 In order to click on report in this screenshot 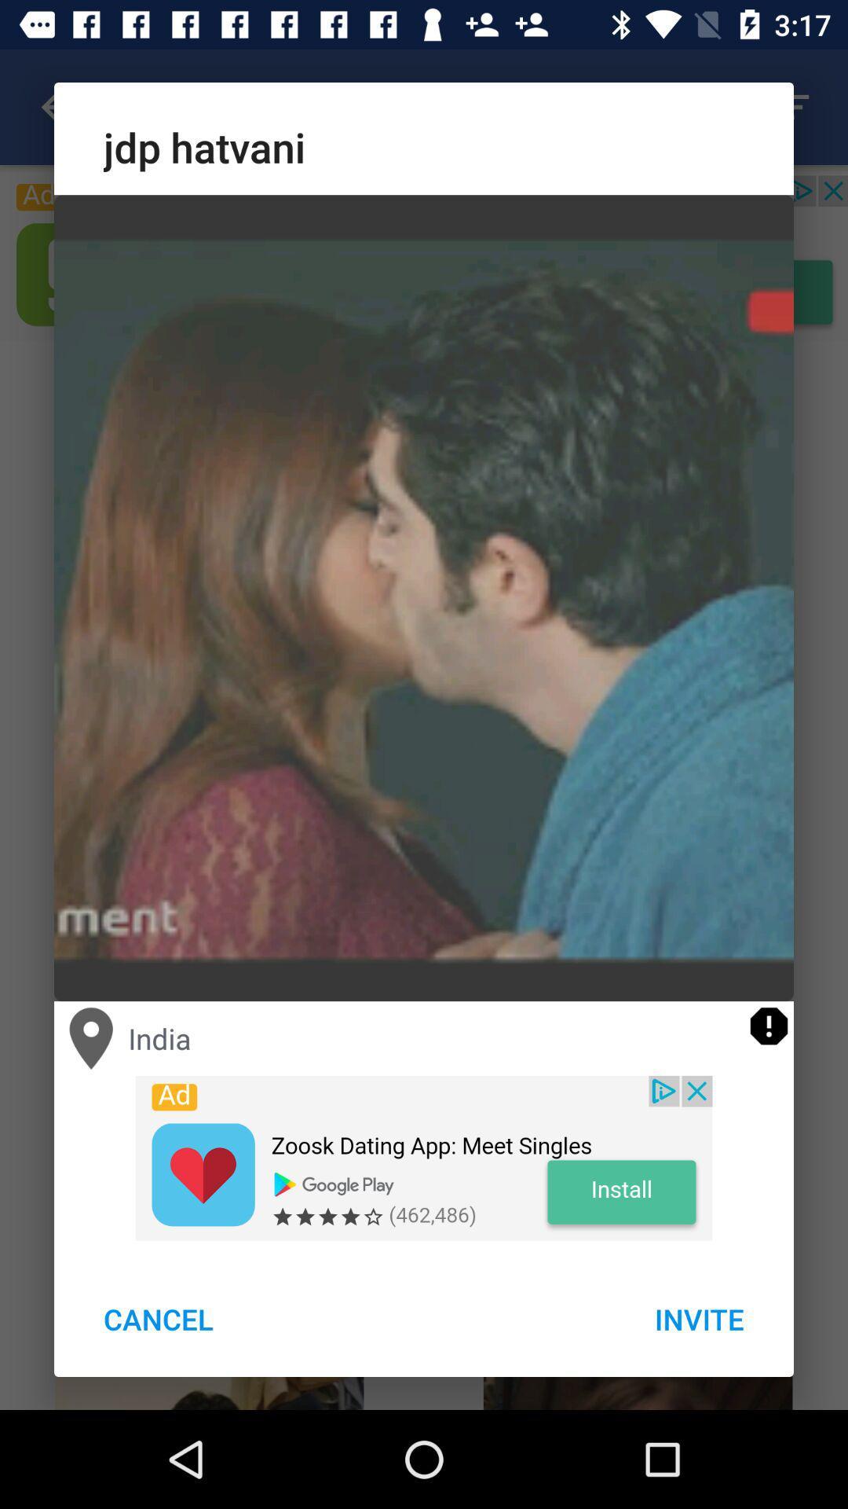, I will do `click(768, 1026)`.